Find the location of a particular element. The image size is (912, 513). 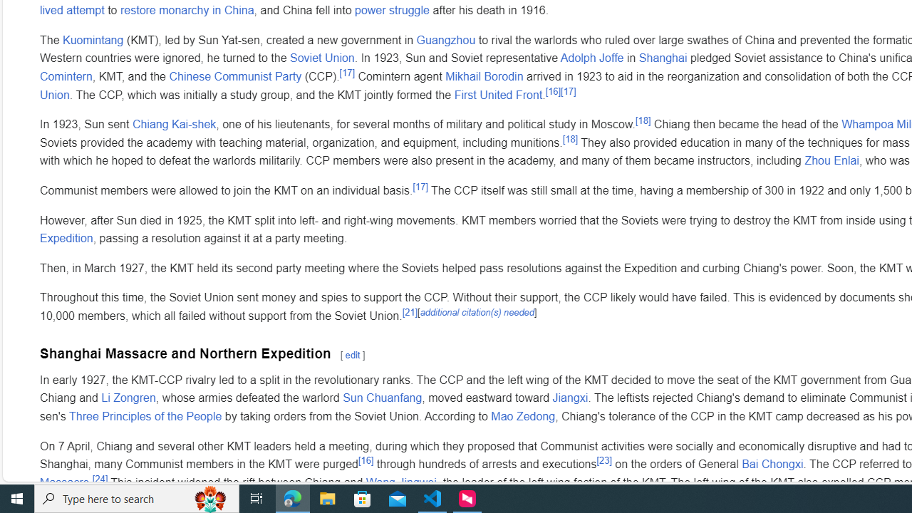

'Adolph Joffe' is located at coordinates (591, 57).